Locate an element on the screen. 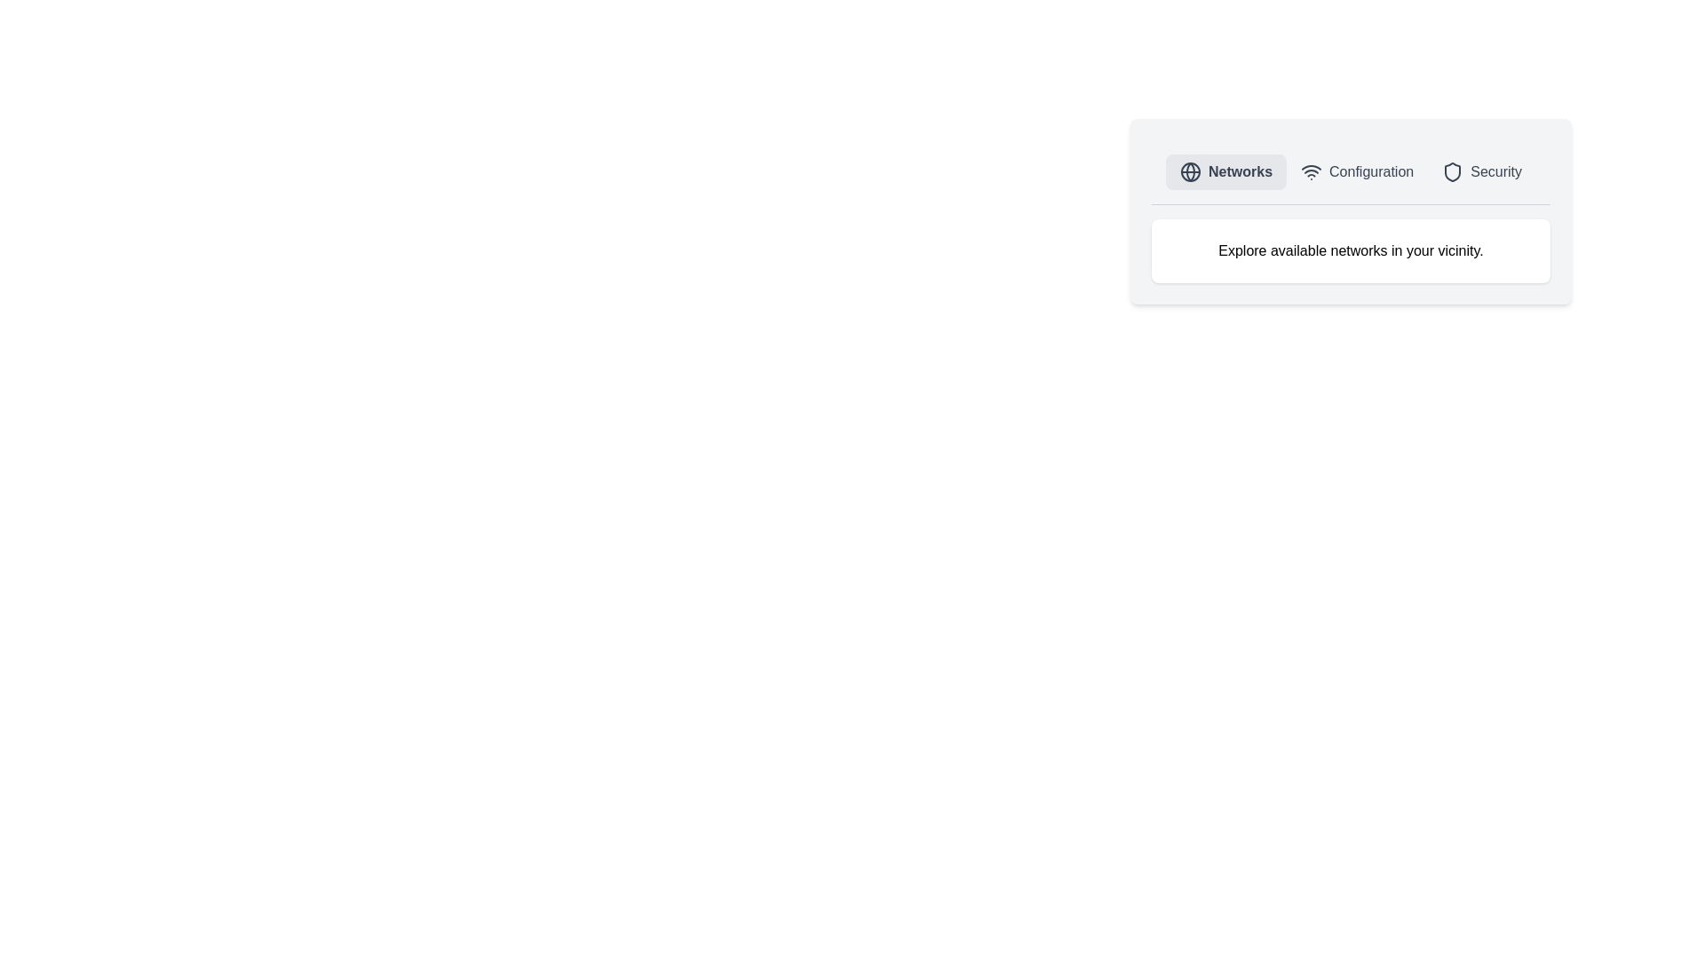 This screenshot has height=959, width=1705. the Configuration tab is located at coordinates (1355, 171).